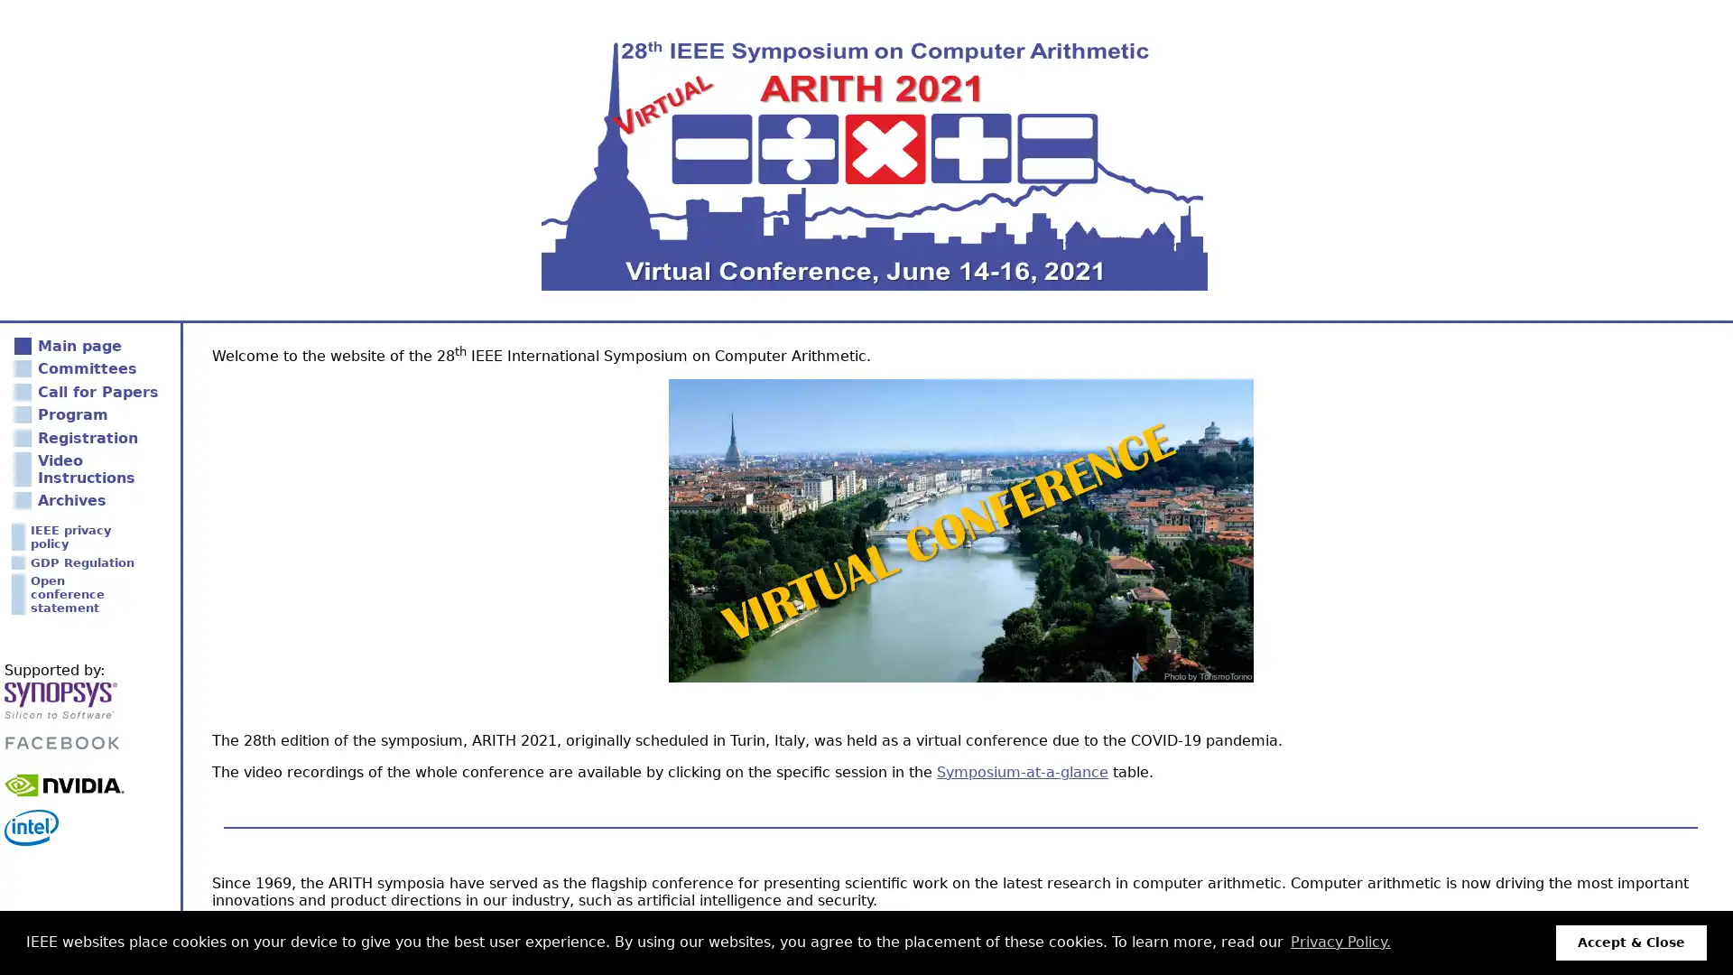 This screenshot has width=1733, height=975. I want to click on learn more about cookies, so click(1339, 942).